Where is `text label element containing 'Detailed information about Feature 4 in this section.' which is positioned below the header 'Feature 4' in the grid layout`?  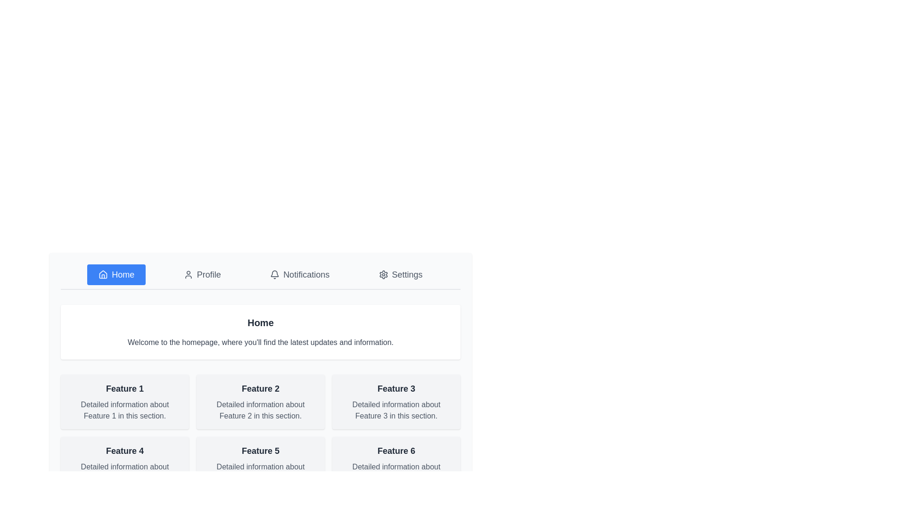
text label element containing 'Detailed information about Feature 4 in this section.' which is positioned below the header 'Feature 4' in the grid layout is located at coordinates (124, 472).